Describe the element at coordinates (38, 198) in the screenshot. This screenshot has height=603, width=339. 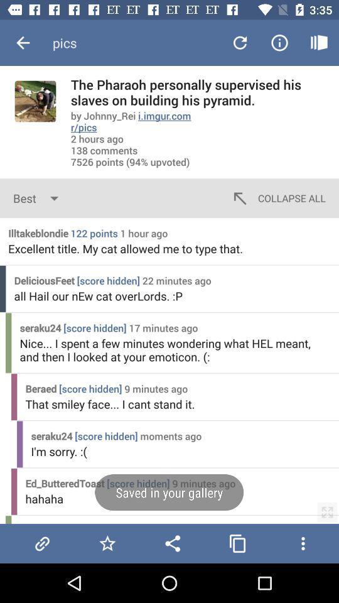
I see `the item next to the collapse all item` at that location.